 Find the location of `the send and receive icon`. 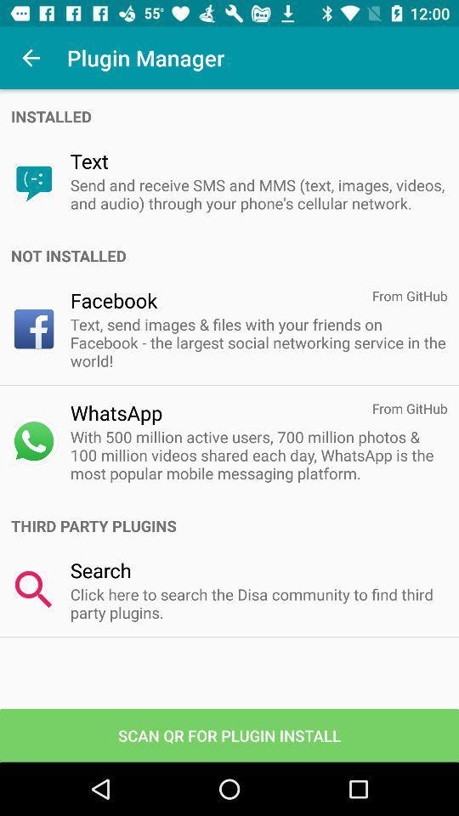

the send and receive icon is located at coordinates (258, 194).